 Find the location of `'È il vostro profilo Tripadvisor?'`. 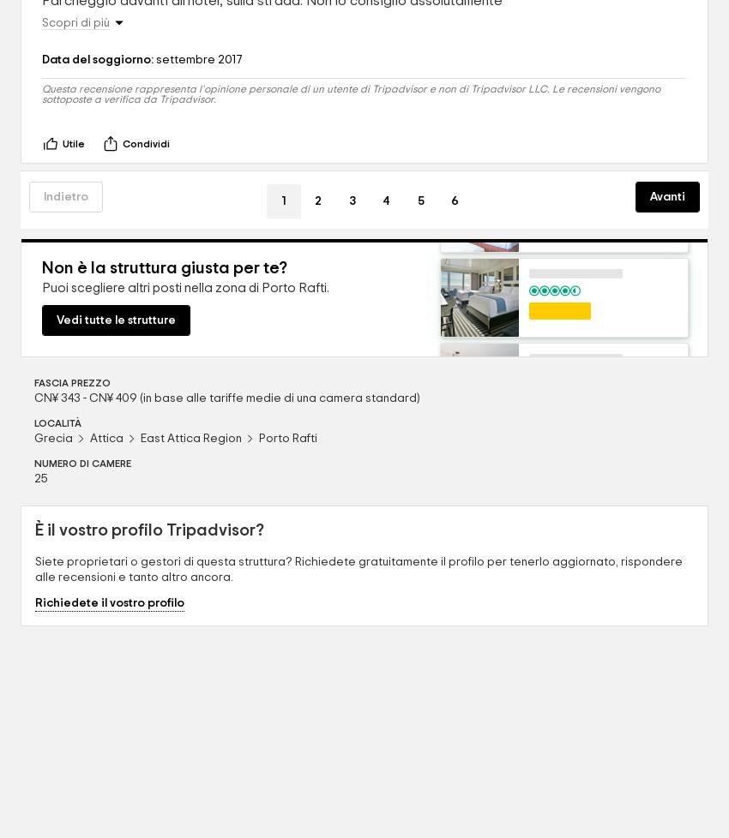

'È il vostro profilo Tripadvisor?' is located at coordinates (33, 530).